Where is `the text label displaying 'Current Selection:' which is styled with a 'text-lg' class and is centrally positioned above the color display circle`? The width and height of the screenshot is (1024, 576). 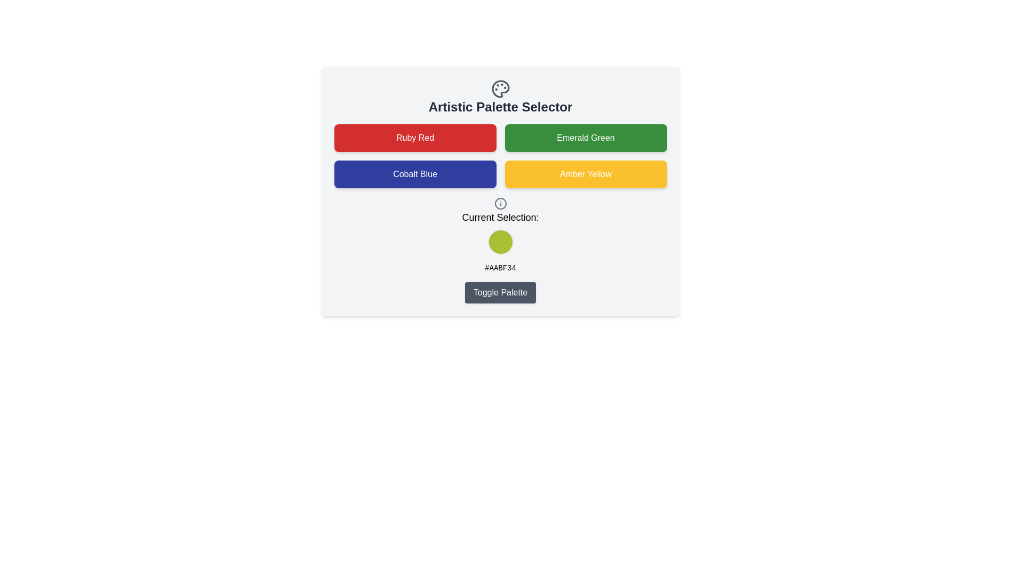
the text label displaying 'Current Selection:' which is styled with a 'text-lg' class and is centrally positioned above the color display circle is located at coordinates (500, 217).